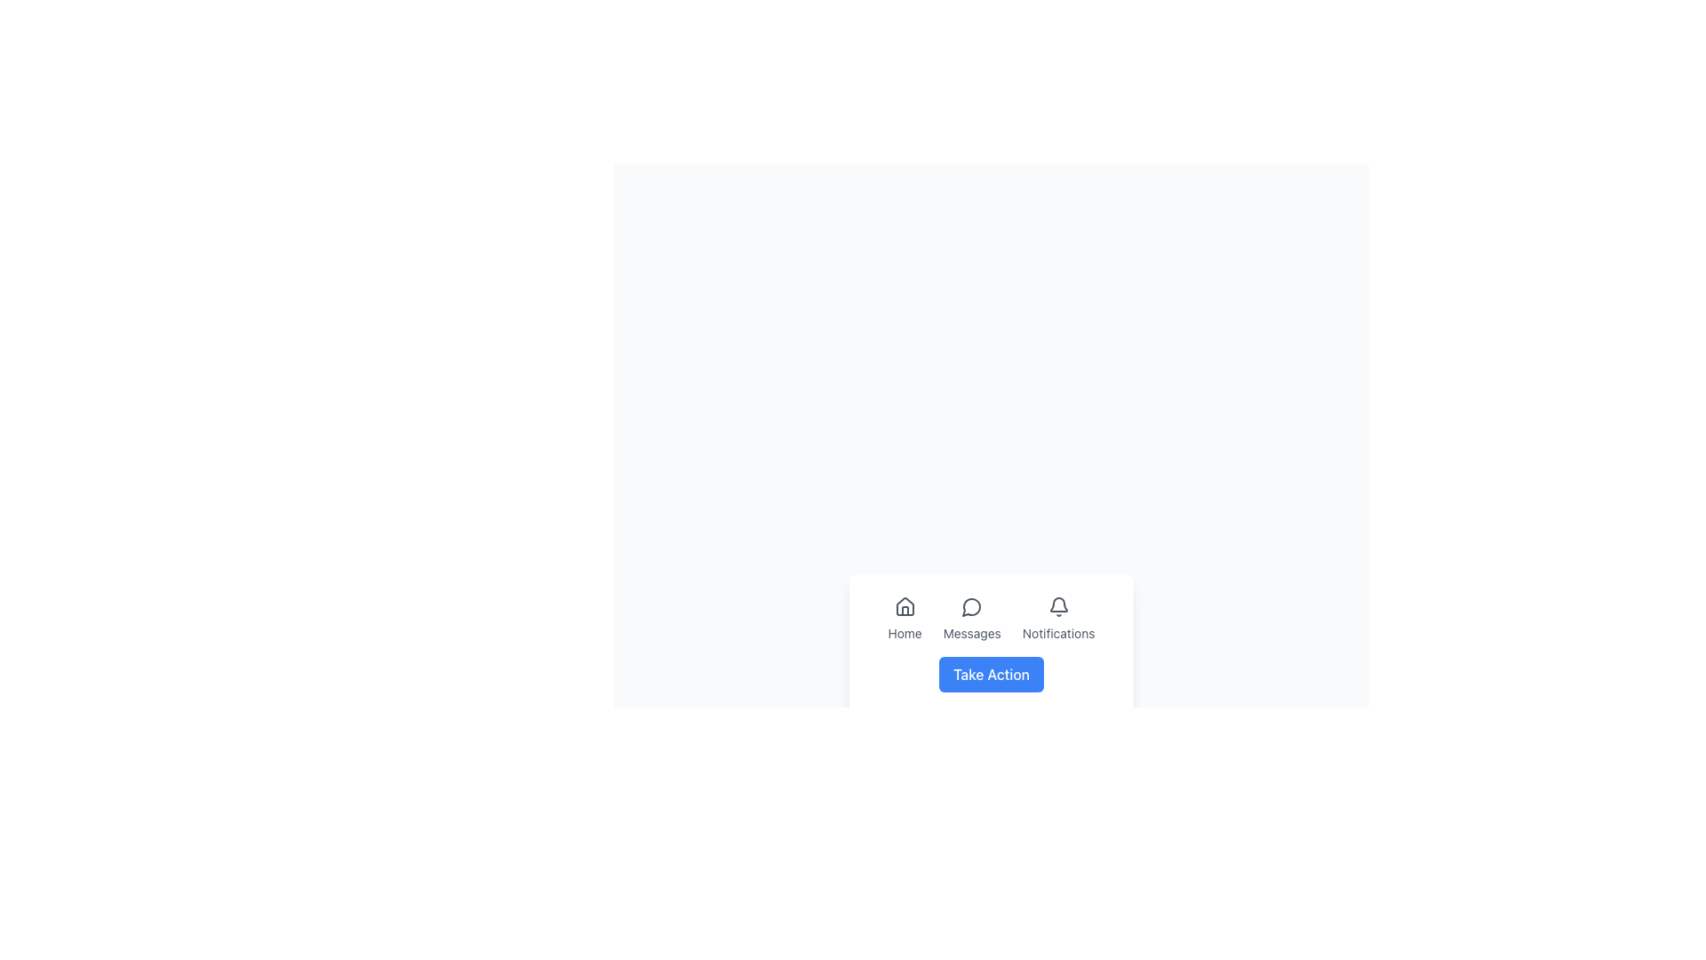  What do you see at coordinates (970, 606) in the screenshot?
I see `vector graphic component of the circular speech bubble icon located in the bottom navigation bar, specifically the second icon from the left` at bounding box center [970, 606].